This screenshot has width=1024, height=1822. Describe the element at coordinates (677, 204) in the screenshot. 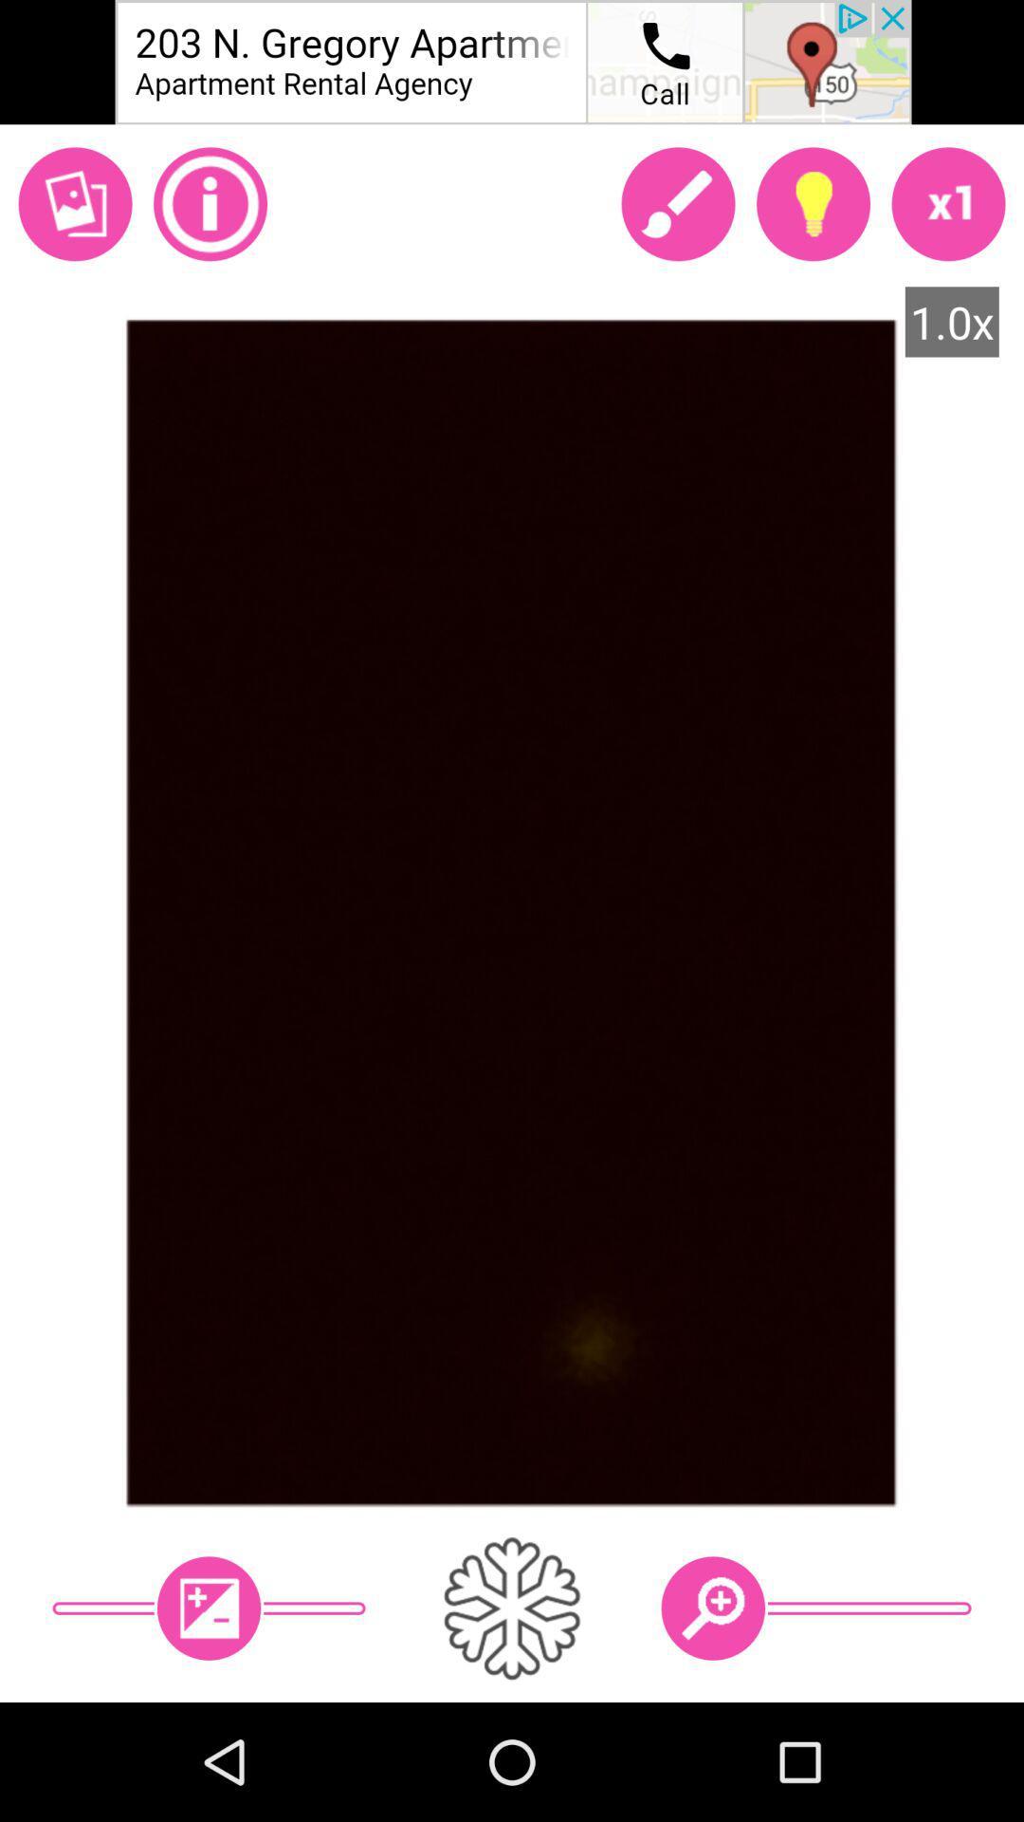

I see `open paintbrush` at that location.